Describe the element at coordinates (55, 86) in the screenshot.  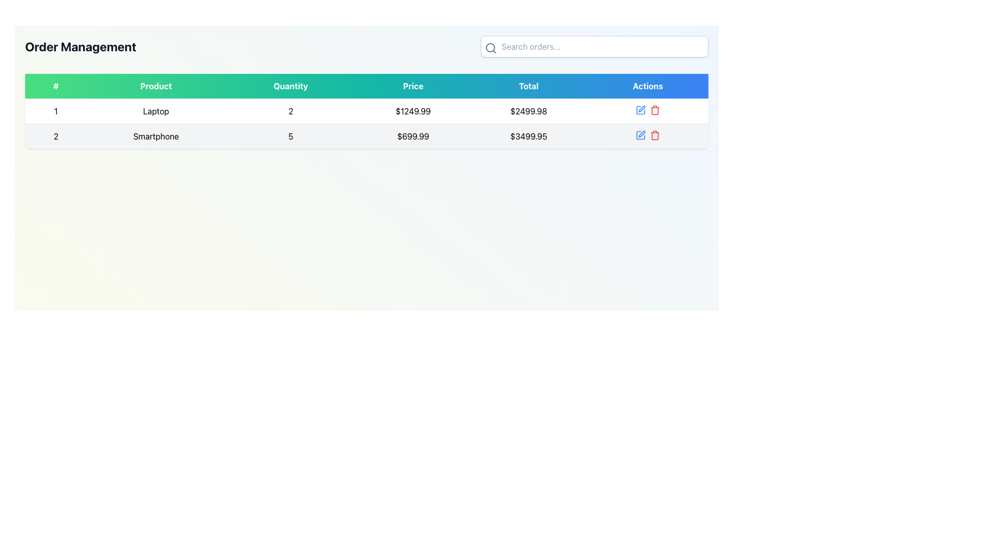
I see `the first table header cell that serves as a label for the column containing row numbers or identifiers` at that location.